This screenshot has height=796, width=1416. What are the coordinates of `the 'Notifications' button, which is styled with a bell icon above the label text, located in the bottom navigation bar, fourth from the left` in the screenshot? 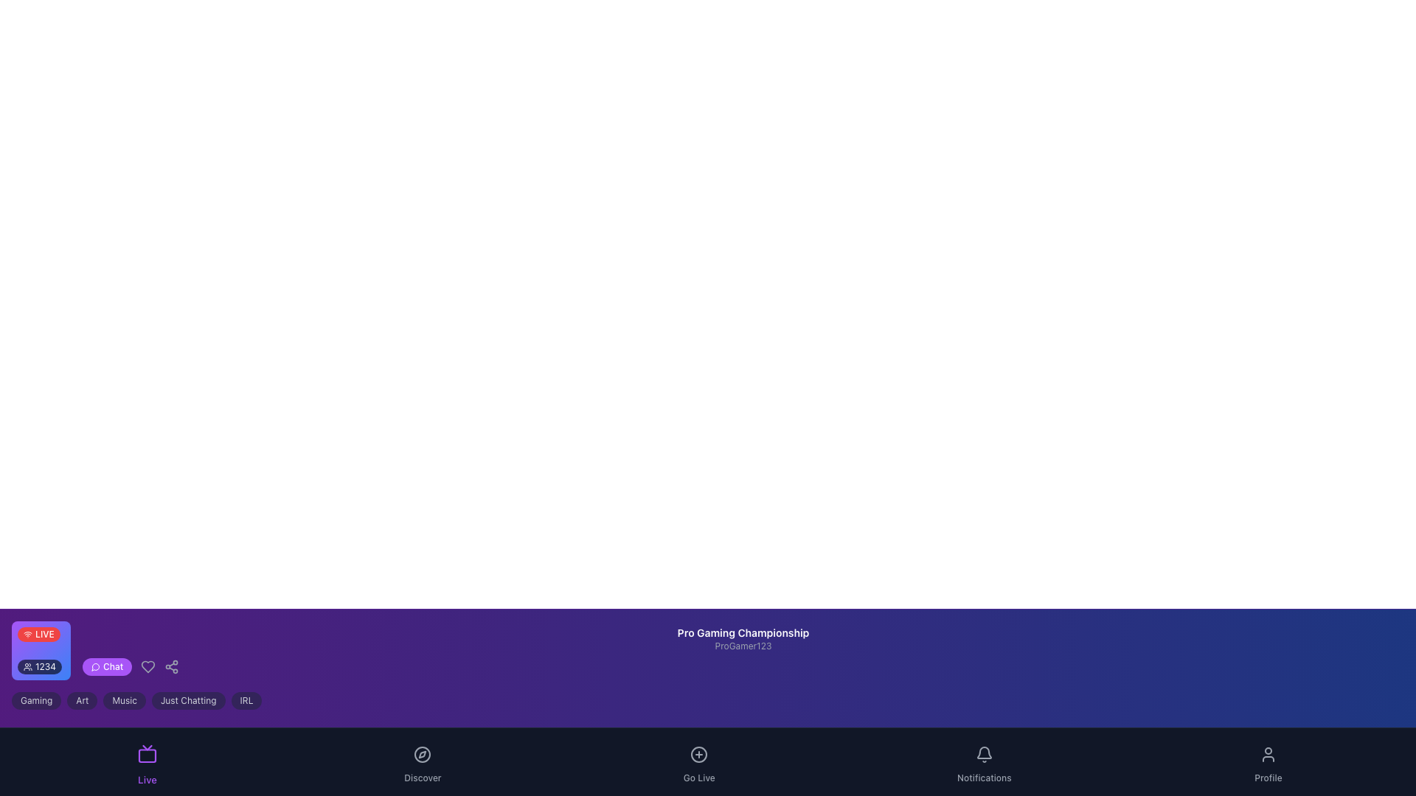 It's located at (984, 761).